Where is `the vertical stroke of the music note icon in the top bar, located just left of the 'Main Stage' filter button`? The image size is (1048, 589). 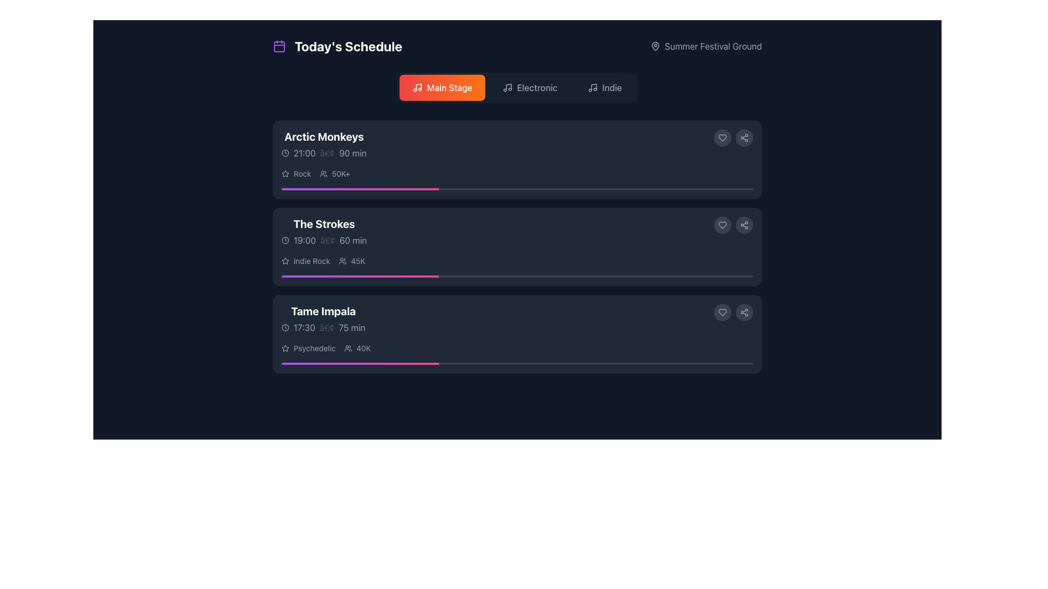
the vertical stroke of the music note icon in the top bar, located just left of the 'Main Stage' filter button is located at coordinates (418, 86).